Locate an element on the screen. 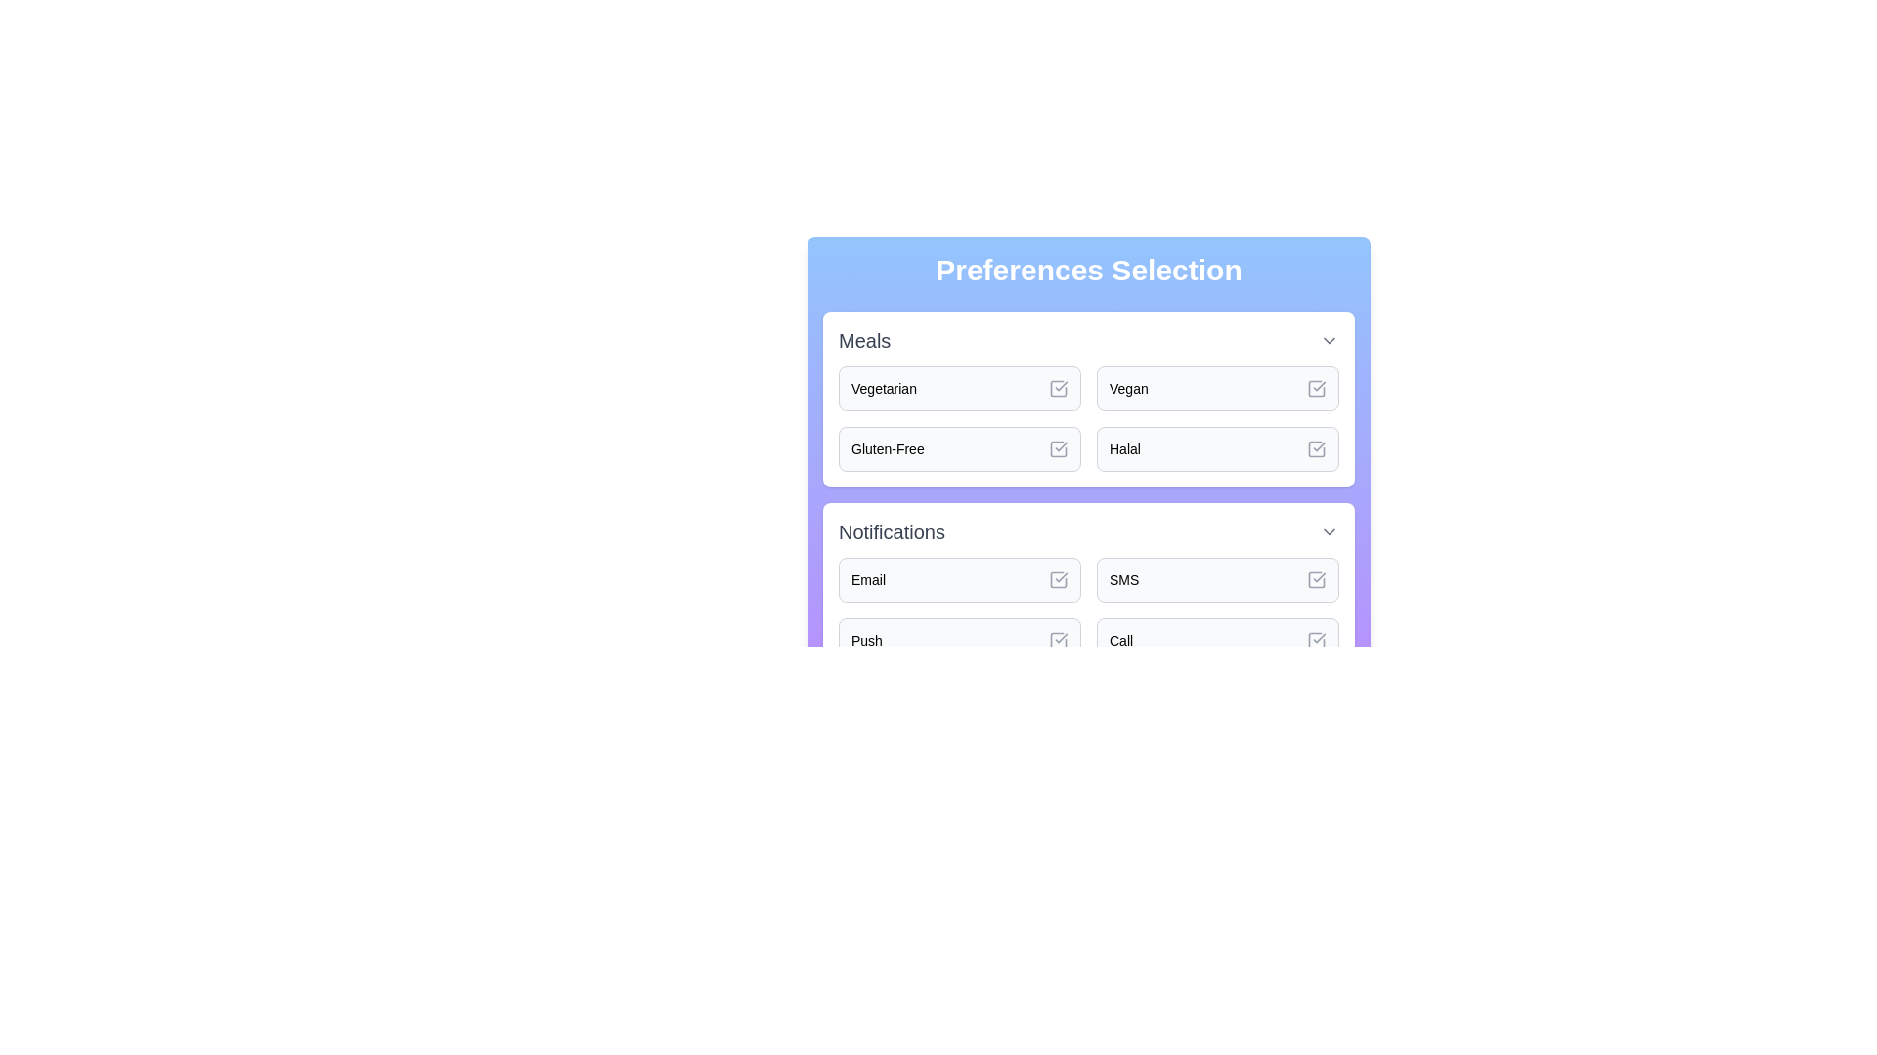  the 'Notifications' text label, which is styled in bold dark gray and located in the 'Preferences Selection' section for notification preferences is located at coordinates (891, 531).